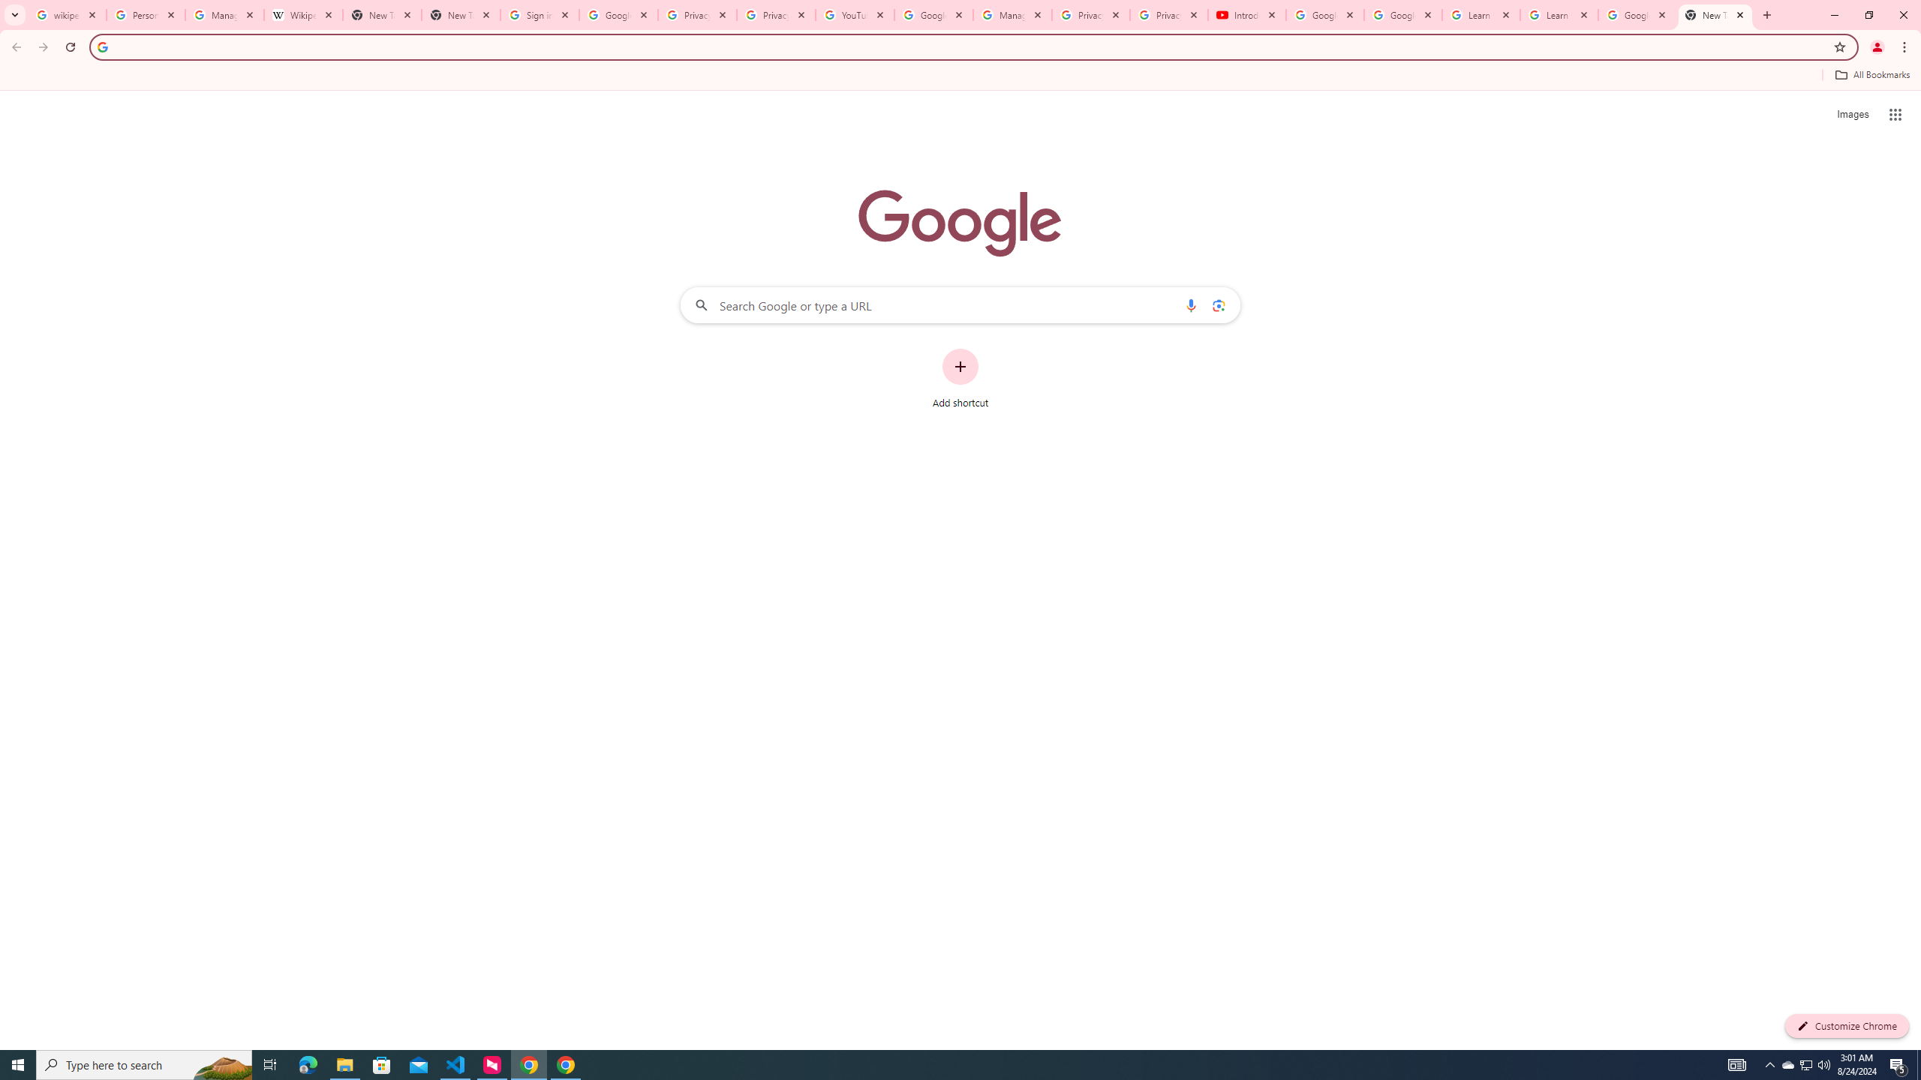 This screenshot has width=1921, height=1080. Describe the element at coordinates (1637, 14) in the screenshot. I see `'Google Account'` at that location.